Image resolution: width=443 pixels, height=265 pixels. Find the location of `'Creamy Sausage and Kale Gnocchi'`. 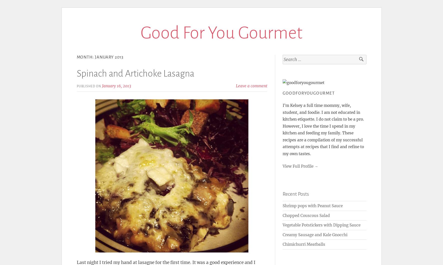

'Creamy Sausage and Kale Gnocchi' is located at coordinates (282, 234).